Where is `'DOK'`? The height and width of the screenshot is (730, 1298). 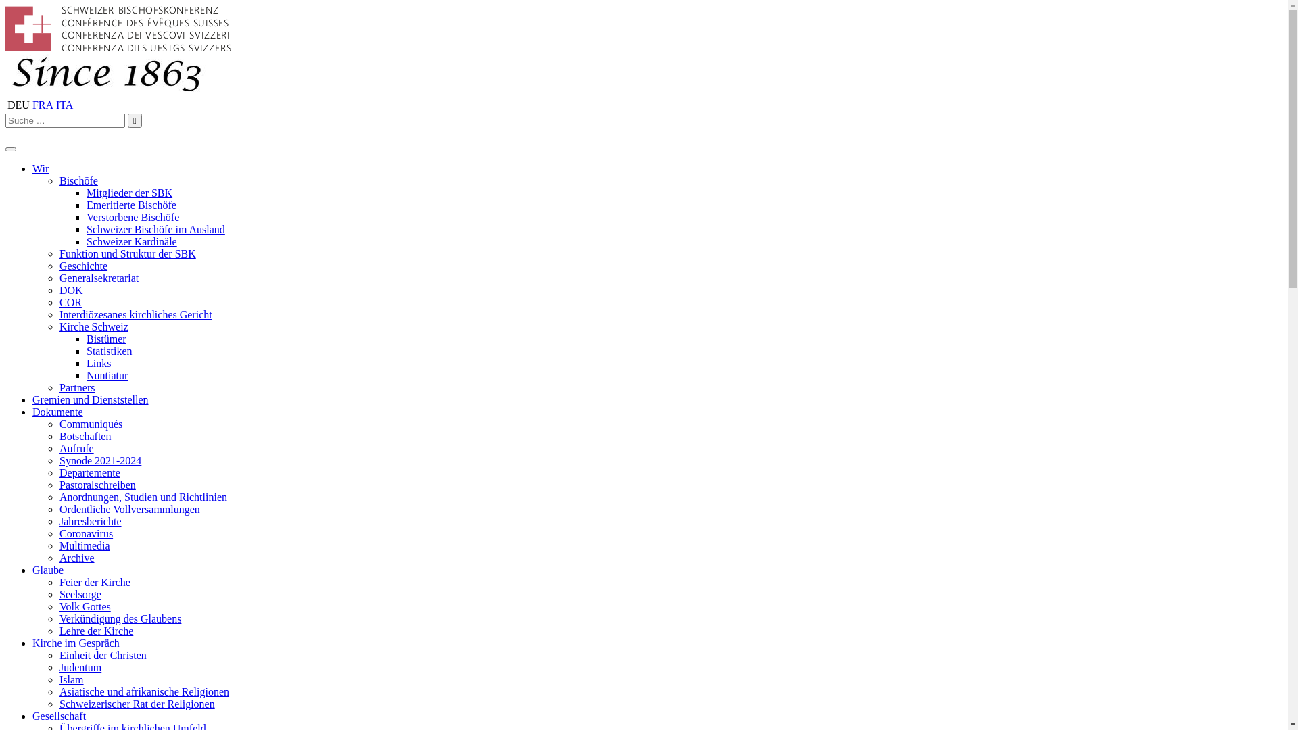 'DOK' is located at coordinates (70, 289).